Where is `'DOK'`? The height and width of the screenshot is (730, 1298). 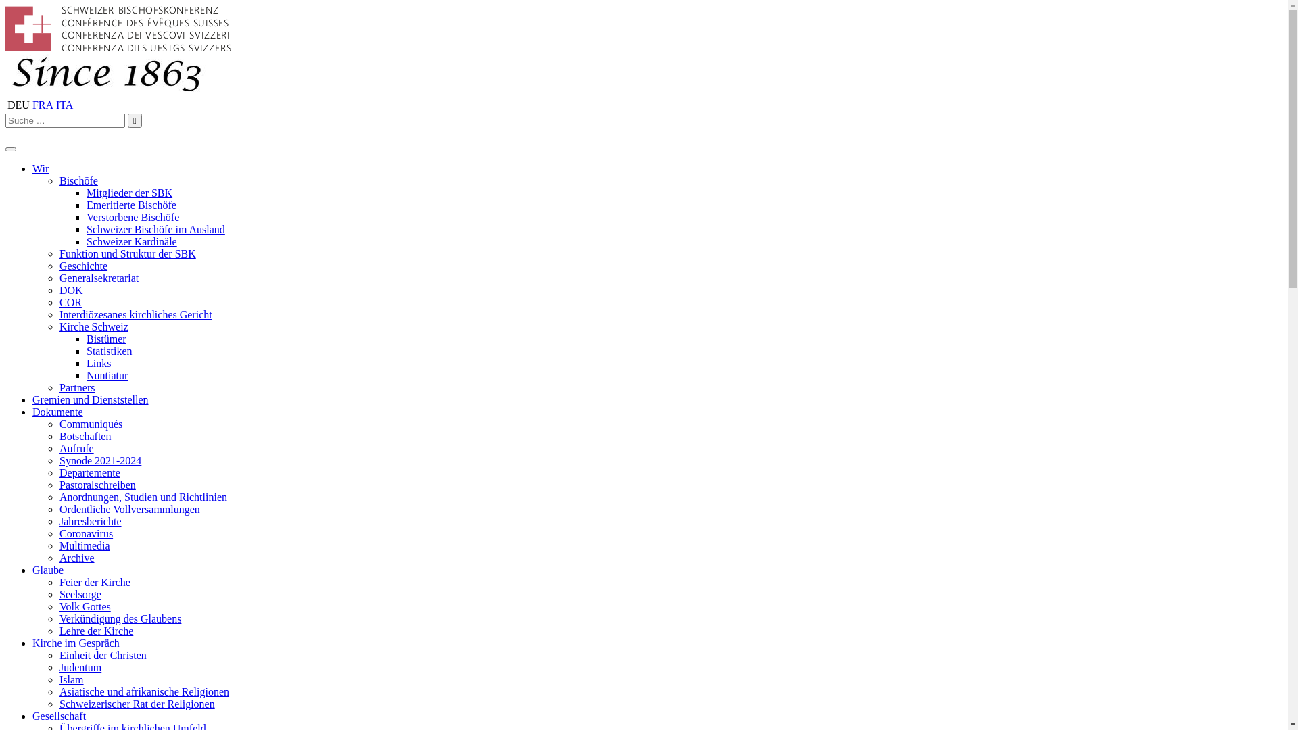 'DOK' is located at coordinates (70, 289).